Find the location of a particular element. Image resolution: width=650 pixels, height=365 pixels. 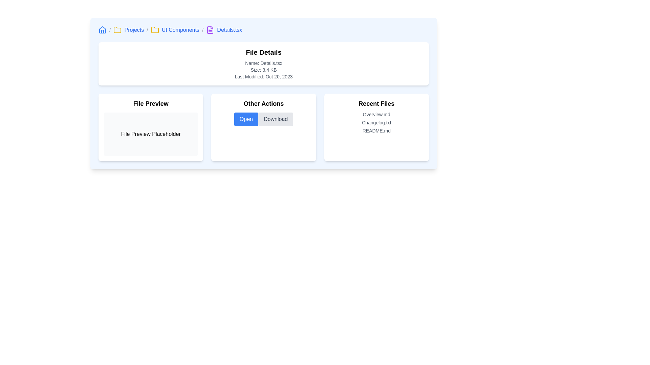

the text label displaying 'Last Modified: Oct 20, 2023' in the 'File Details' section, which is the last row below the 'Size' detail is located at coordinates (263, 76).